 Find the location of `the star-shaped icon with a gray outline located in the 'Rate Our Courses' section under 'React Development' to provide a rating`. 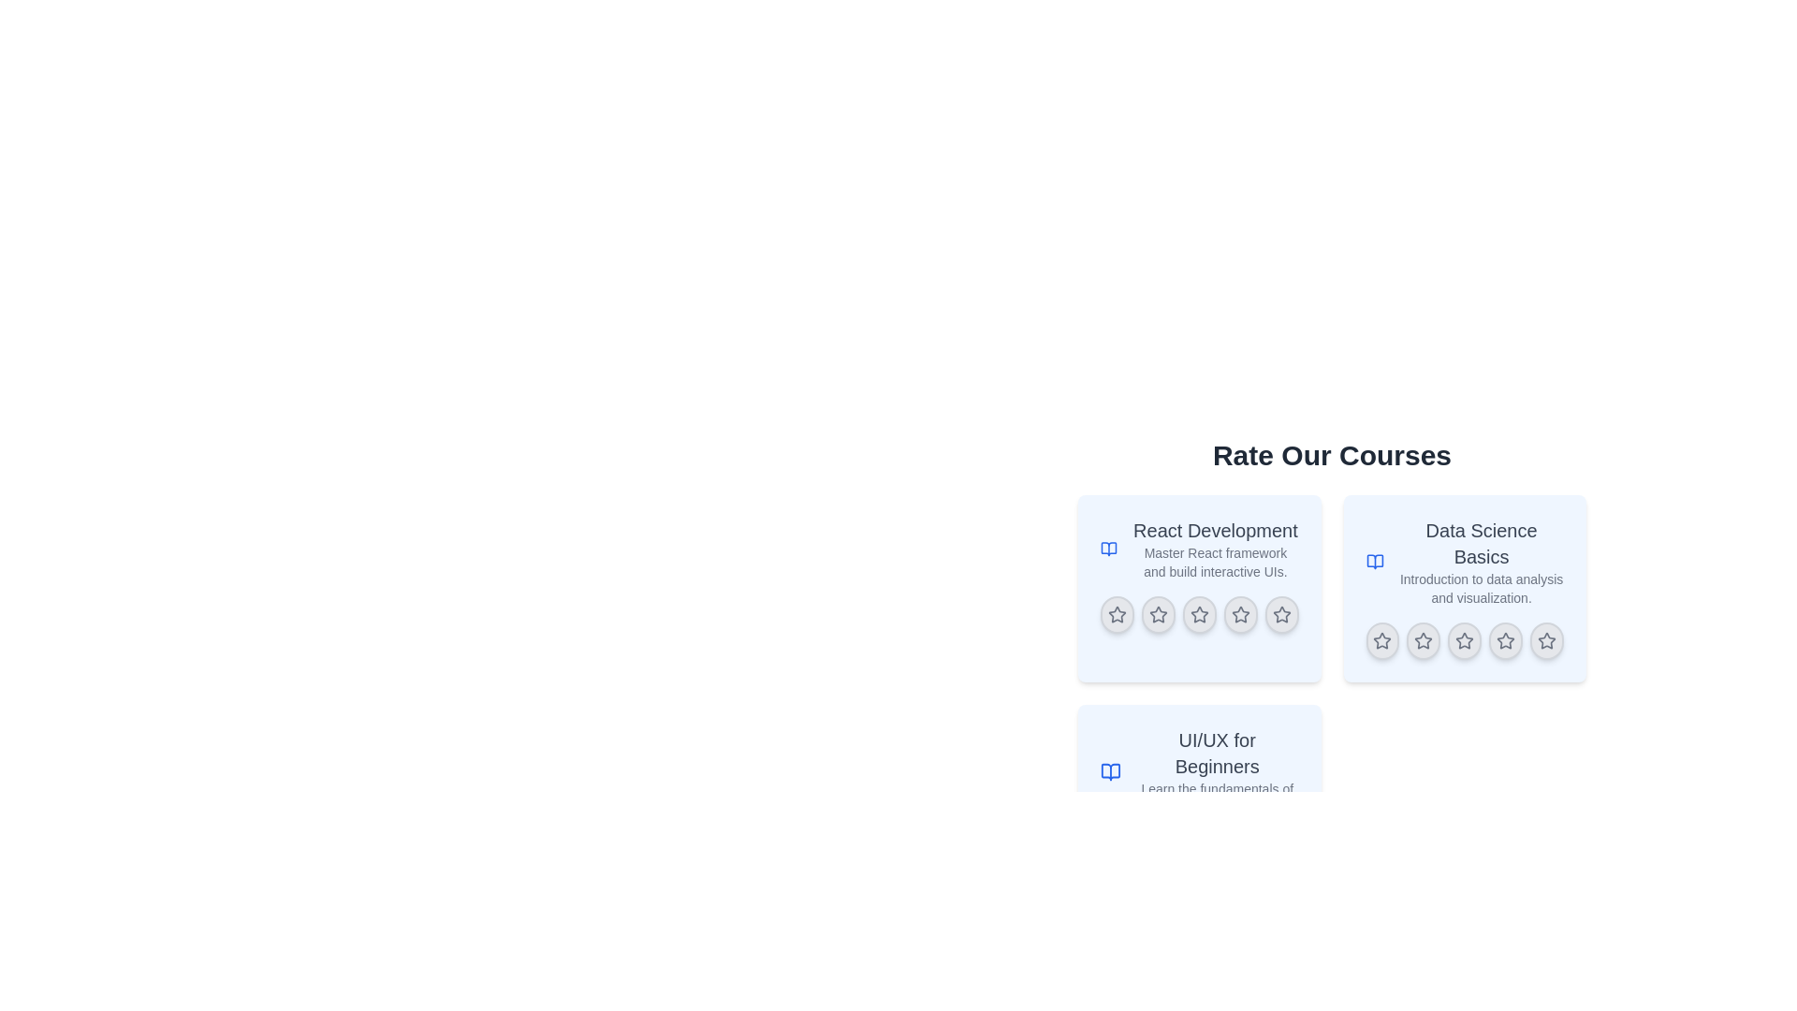

the star-shaped icon with a gray outline located in the 'Rate Our Courses' section under 'React Development' to provide a rating is located at coordinates (1280, 614).